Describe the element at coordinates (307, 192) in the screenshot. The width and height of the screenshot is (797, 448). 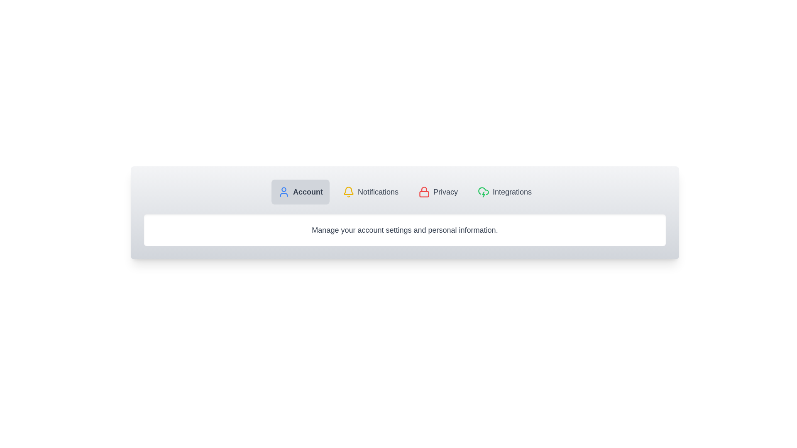
I see `the 'Account' text label, which is located to the right of the user icon in the horizontal menu bar` at that location.